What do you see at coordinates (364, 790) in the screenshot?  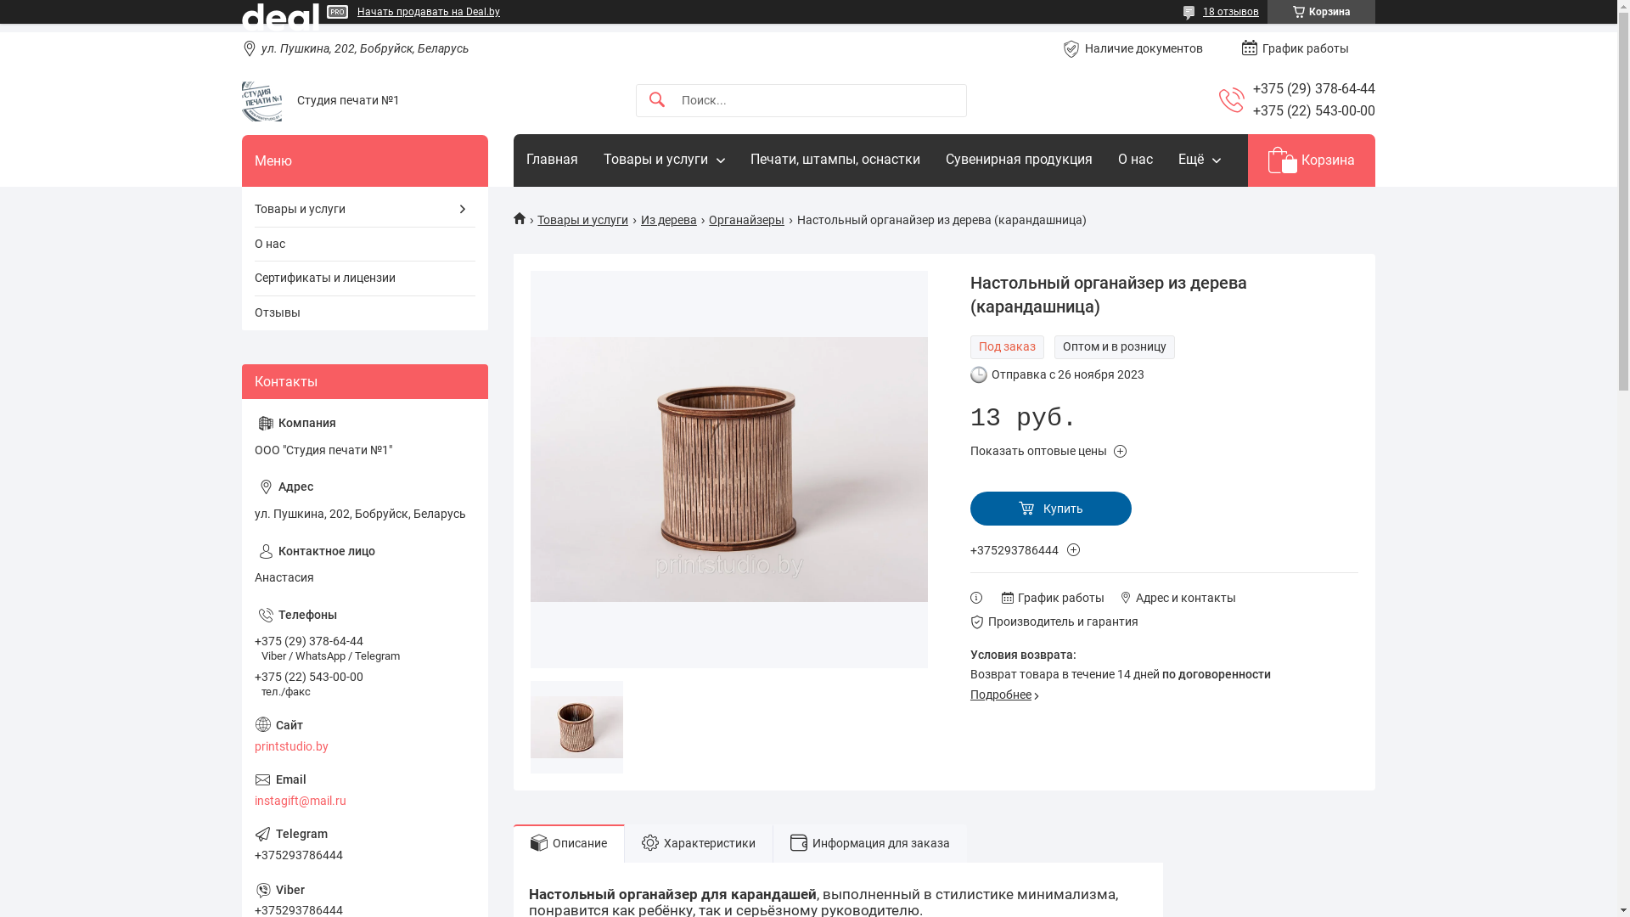 I see `'instagift@mail.ru'` at bounding box center [364, 790].